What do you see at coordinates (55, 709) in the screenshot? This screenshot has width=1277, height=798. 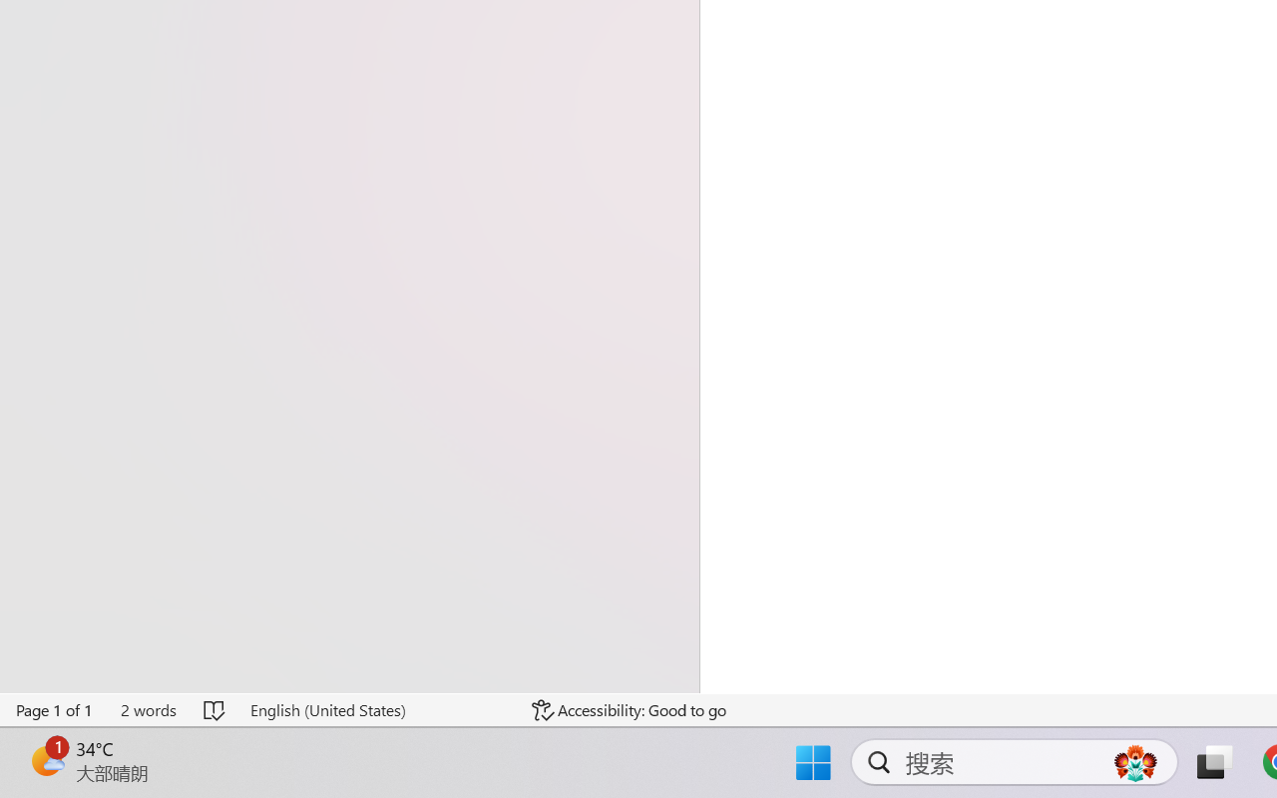 I see `'Page Number Page 1 of 1'` at bounding box center [55, 709].